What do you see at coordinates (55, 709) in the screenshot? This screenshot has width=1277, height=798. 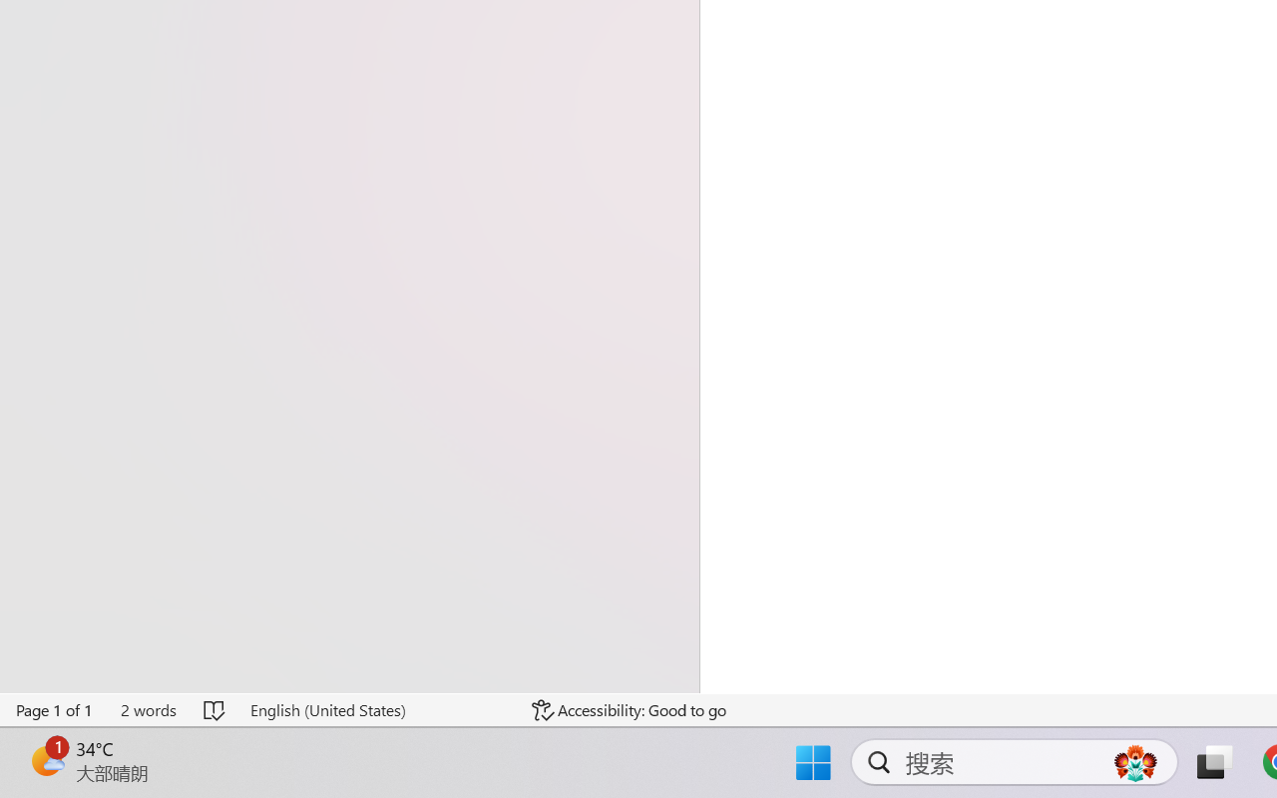 I see `'Page Number Page 1 of 1'` at bounding box center [55, 709].